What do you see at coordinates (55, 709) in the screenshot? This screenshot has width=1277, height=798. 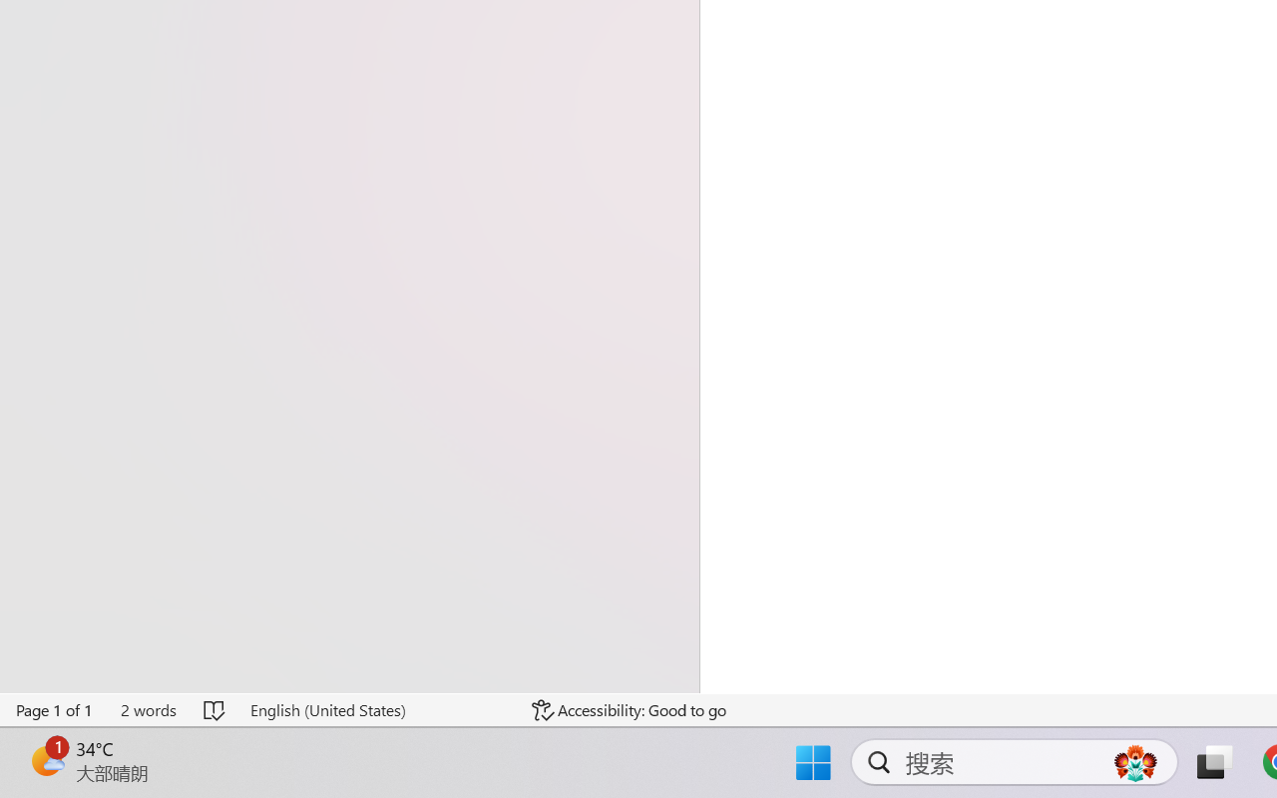 I see `'Page Number Page 1 of 1'` at bounding box center [55, 709].